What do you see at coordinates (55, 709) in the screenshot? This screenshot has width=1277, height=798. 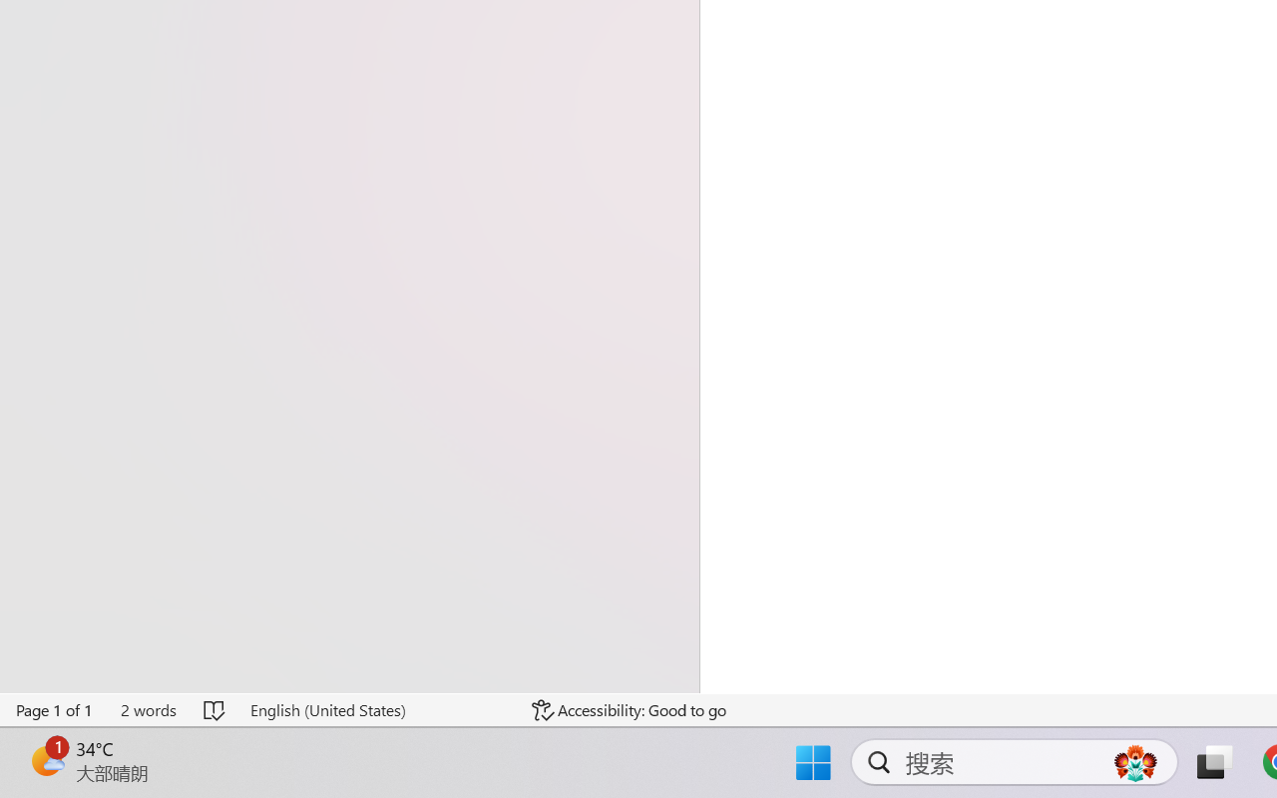 I see `'Page Number Page 1 of 1'` at bounding box center [55, 709].